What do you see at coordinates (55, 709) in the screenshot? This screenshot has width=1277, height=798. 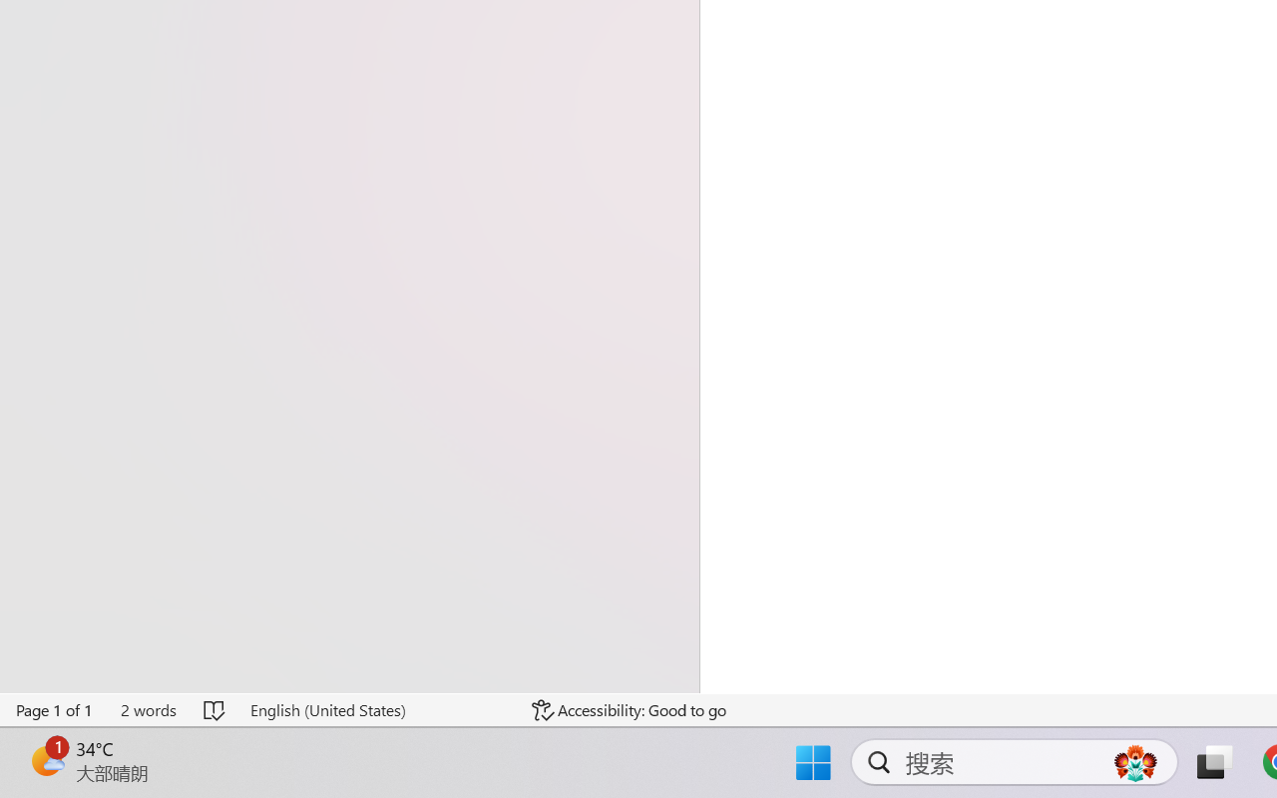 I see `'Page Number Page 1 of 1'` at bounding box center [55, 709].